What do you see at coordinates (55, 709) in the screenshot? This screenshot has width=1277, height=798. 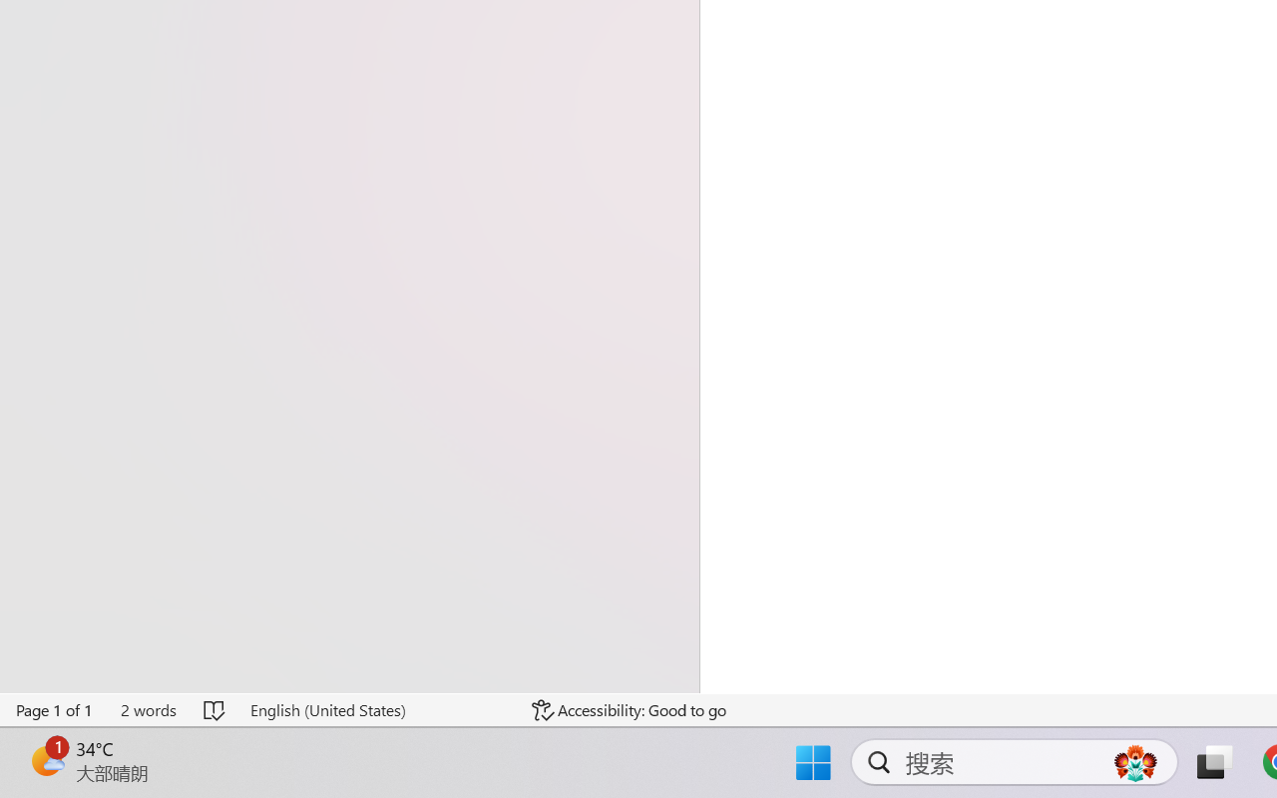 I see `'Page Number Page 1 of 1'` at bounding box center [55, 709].